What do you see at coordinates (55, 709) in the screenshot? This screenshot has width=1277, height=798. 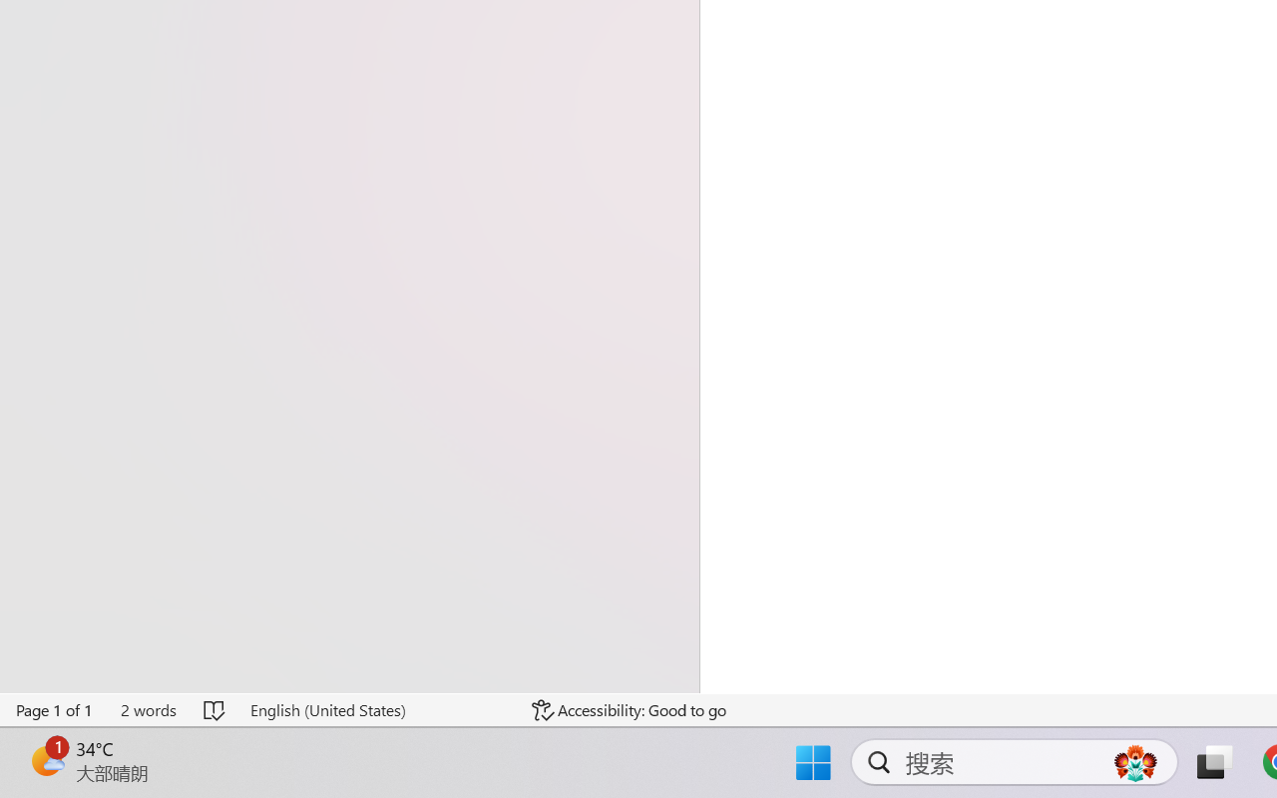 I see `'Page Number Page 1 of 1'` at bounding box center [55, 709].